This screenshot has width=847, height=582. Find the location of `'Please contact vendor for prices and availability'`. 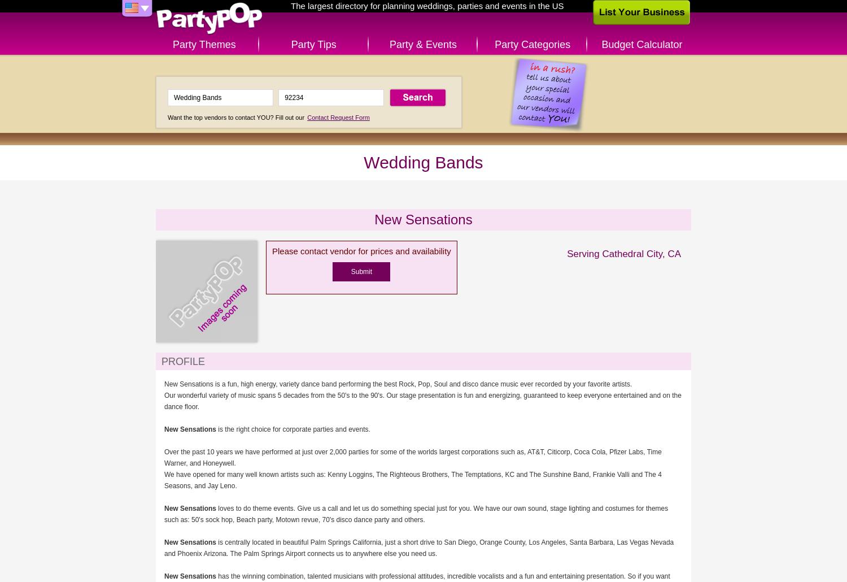

'Please contact vendor for prices and availability' is located at coordinates (271, 250).